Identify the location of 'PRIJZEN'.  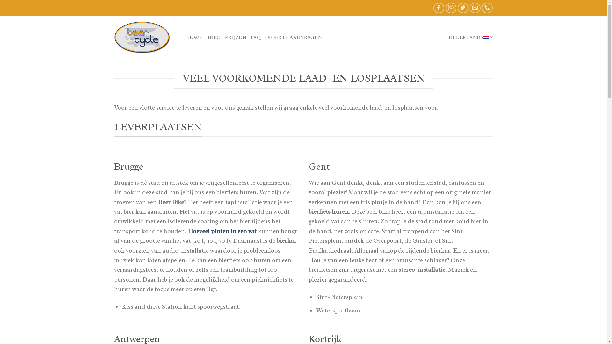
(235, 37).